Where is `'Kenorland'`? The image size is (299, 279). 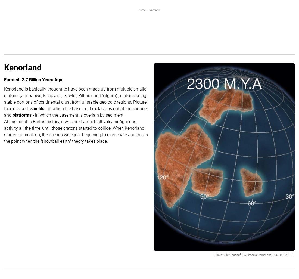 'Kenorland' is located at coordinates (23, 67).